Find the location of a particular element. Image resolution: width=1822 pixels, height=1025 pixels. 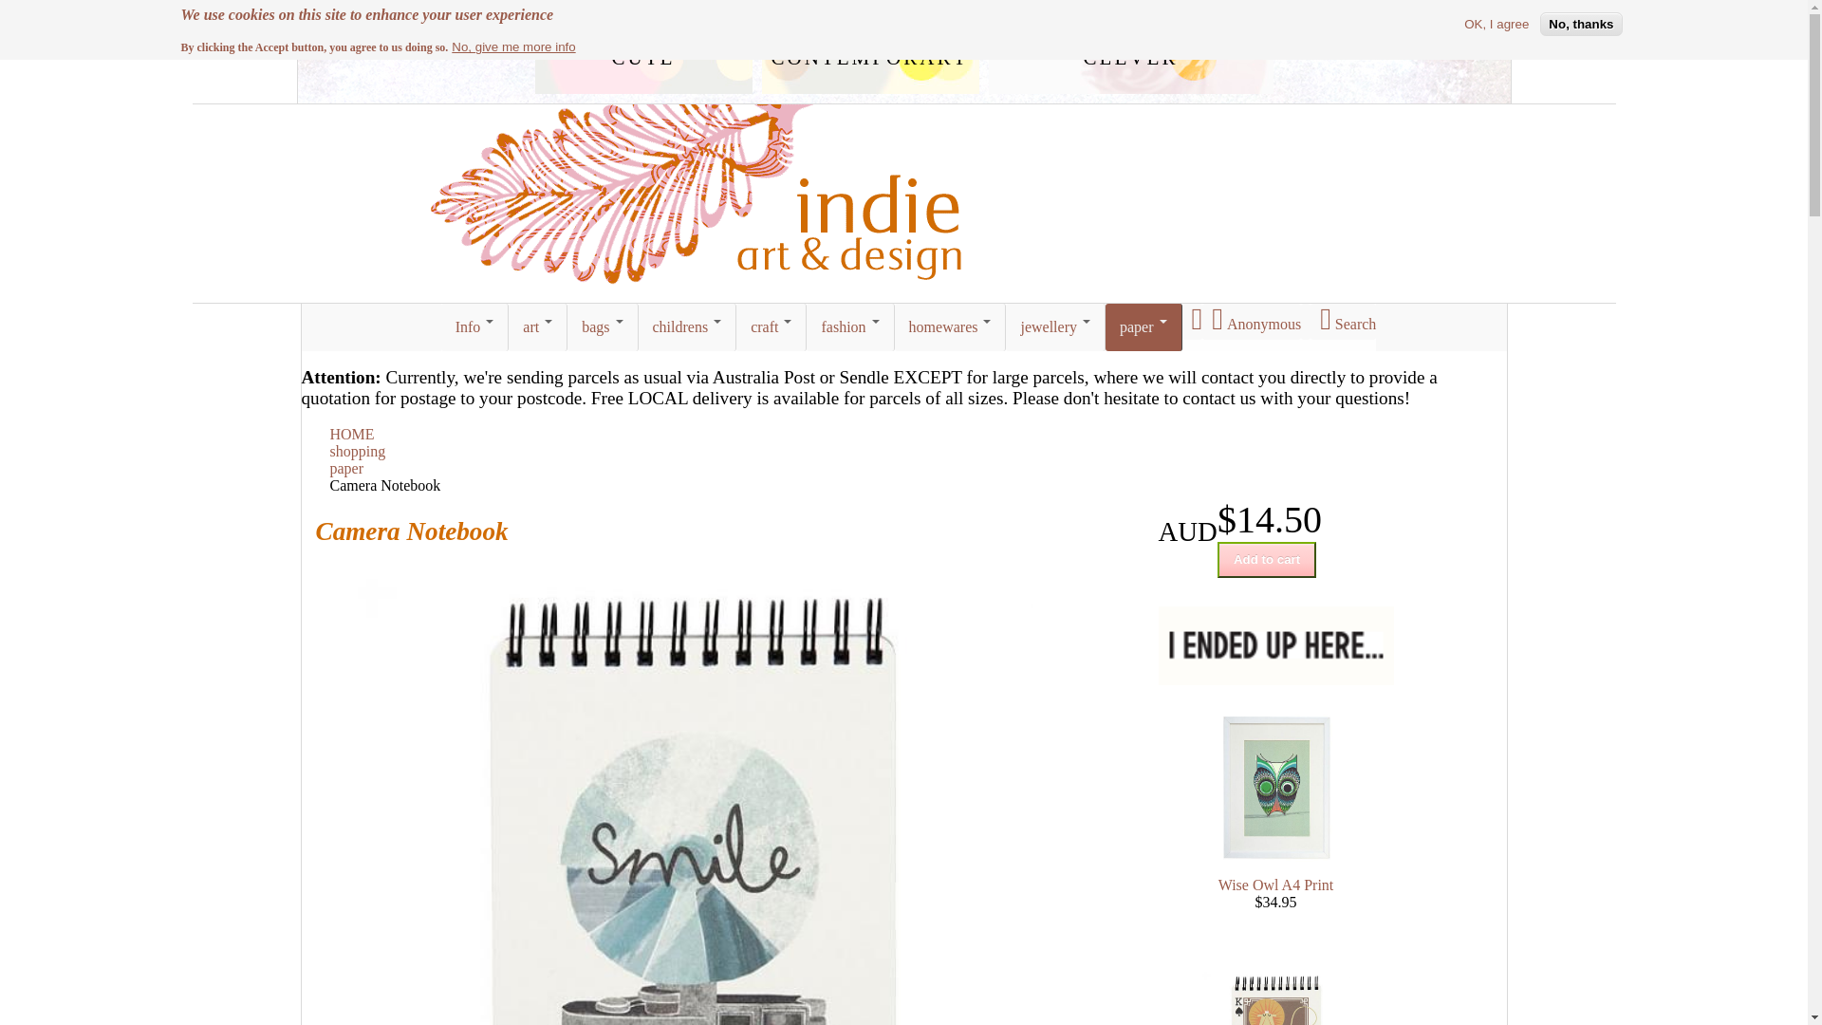

'Wise Owl A4 Print by I Ended Up Here' is located at coordinates (1275, 787).